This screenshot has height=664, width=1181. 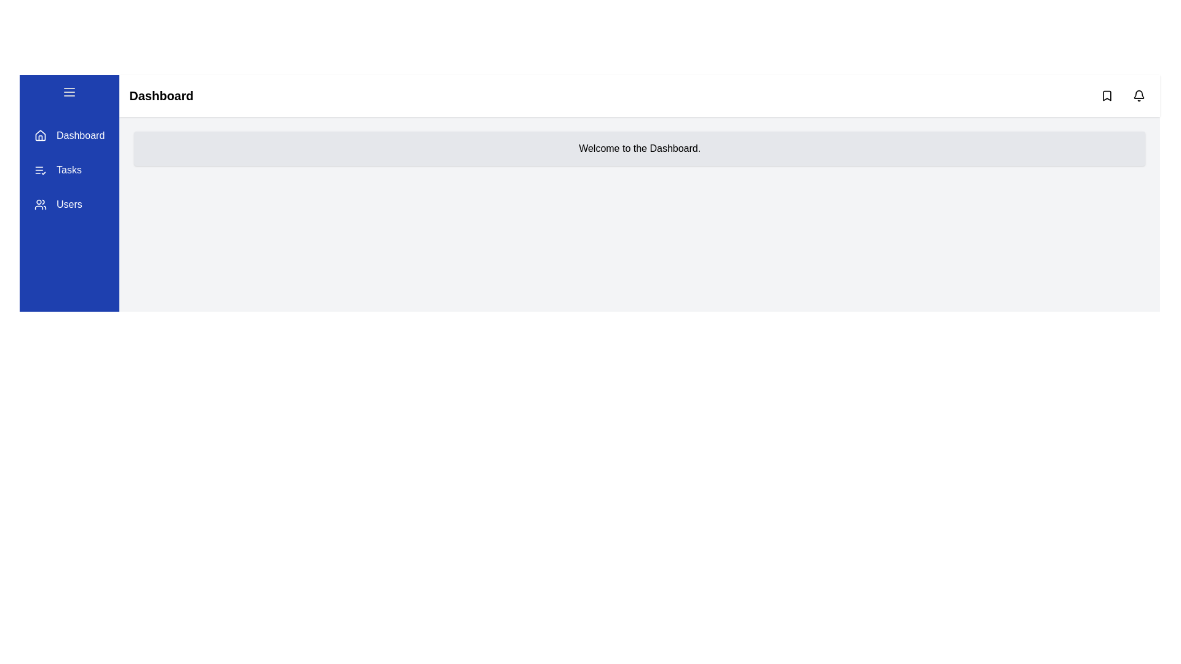 I want to click on the toggle button for the sidebar located at the top of the vertical sidebar, which allows users, so click(x=69, y=92).